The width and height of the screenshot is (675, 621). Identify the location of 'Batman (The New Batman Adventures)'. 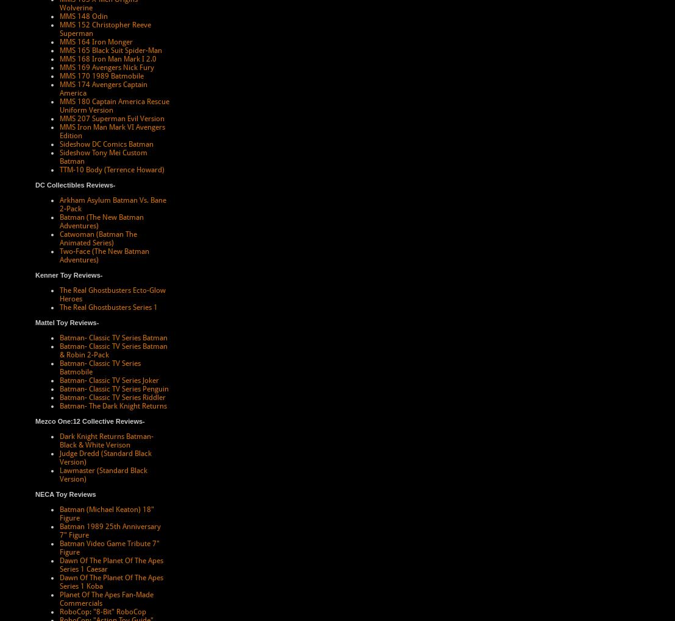
(101, 221).